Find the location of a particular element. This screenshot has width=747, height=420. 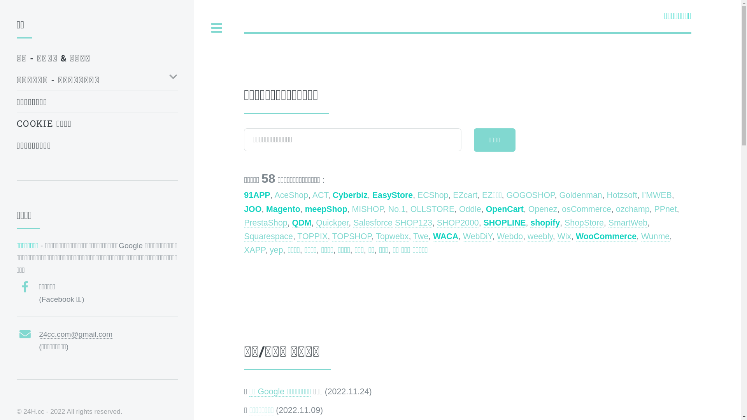

'MISHOP' is located at coordinates (367, 209).